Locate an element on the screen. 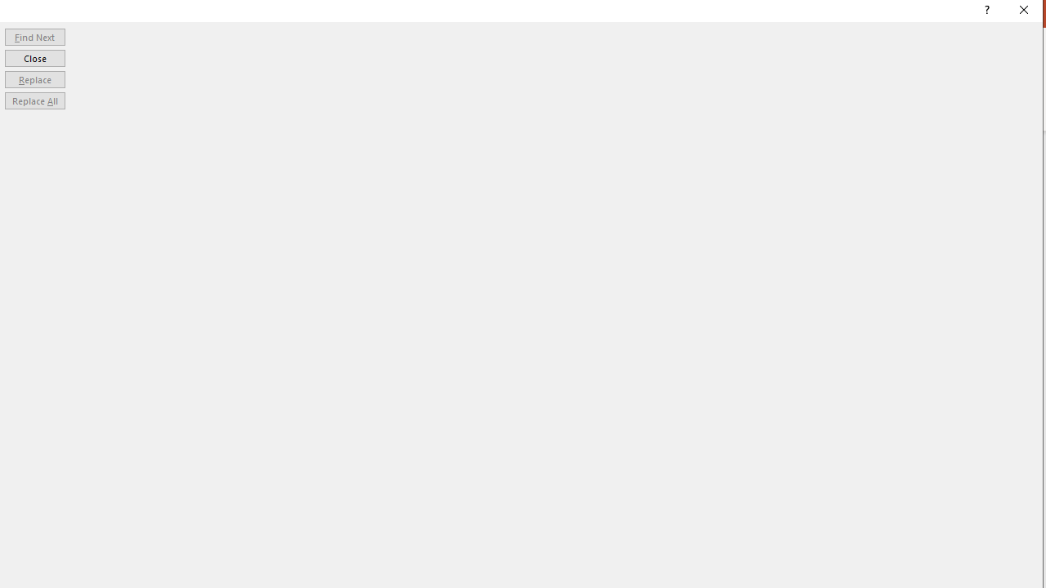 Image resolution: width=1046 pixels, height=588 pixels. 'Replace All' is located at coordinates (34, 100).